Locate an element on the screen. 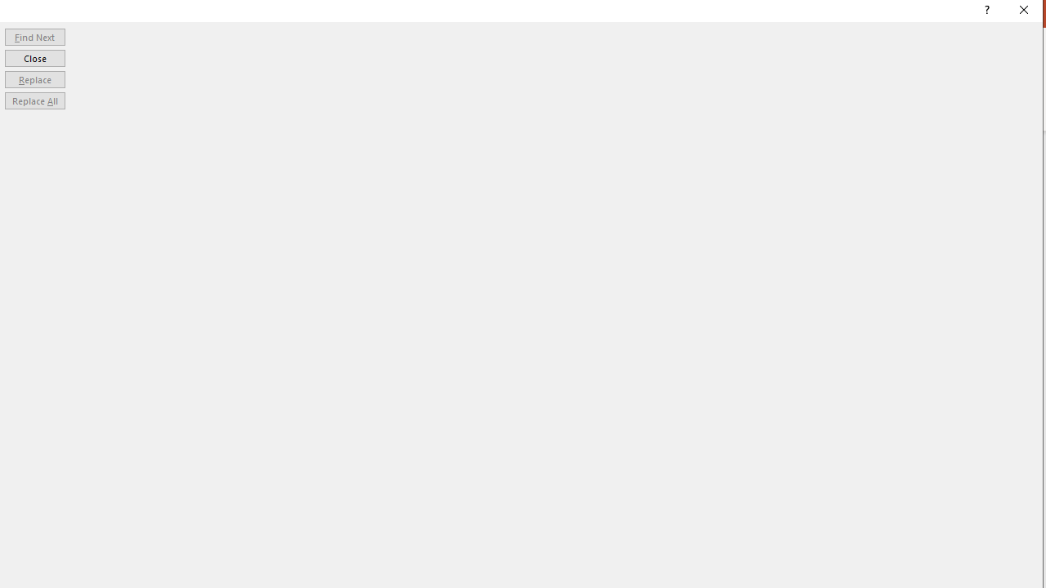 Image resolution: width=1046 pixels, height=588 pixels. 'Replace All' is located at coordinates (34, 100).